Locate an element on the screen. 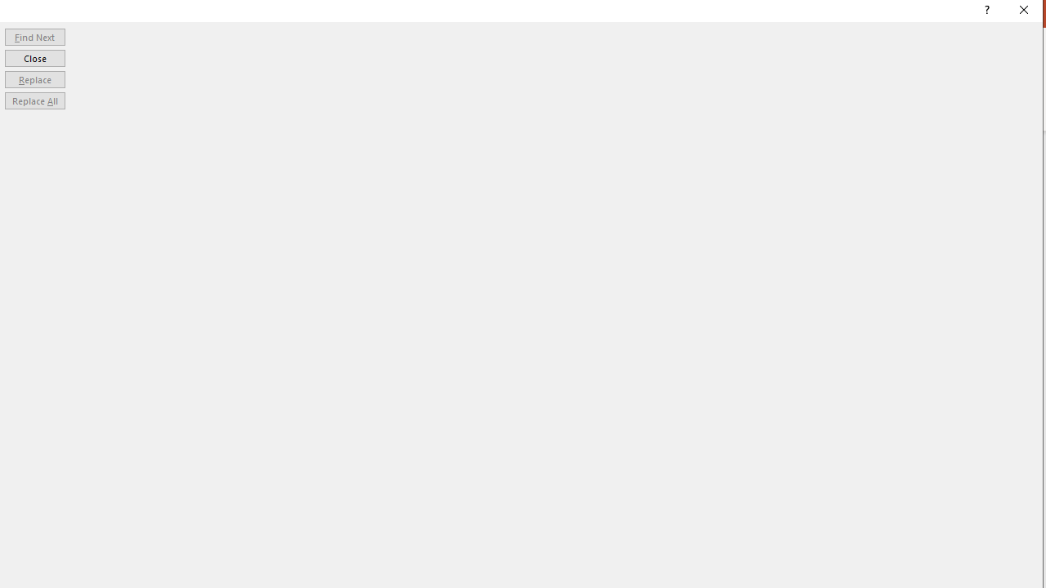 Image resolution: width=1046 pixels, height=588 pixels. 'Replace All' is located at coordinates (34, 100).